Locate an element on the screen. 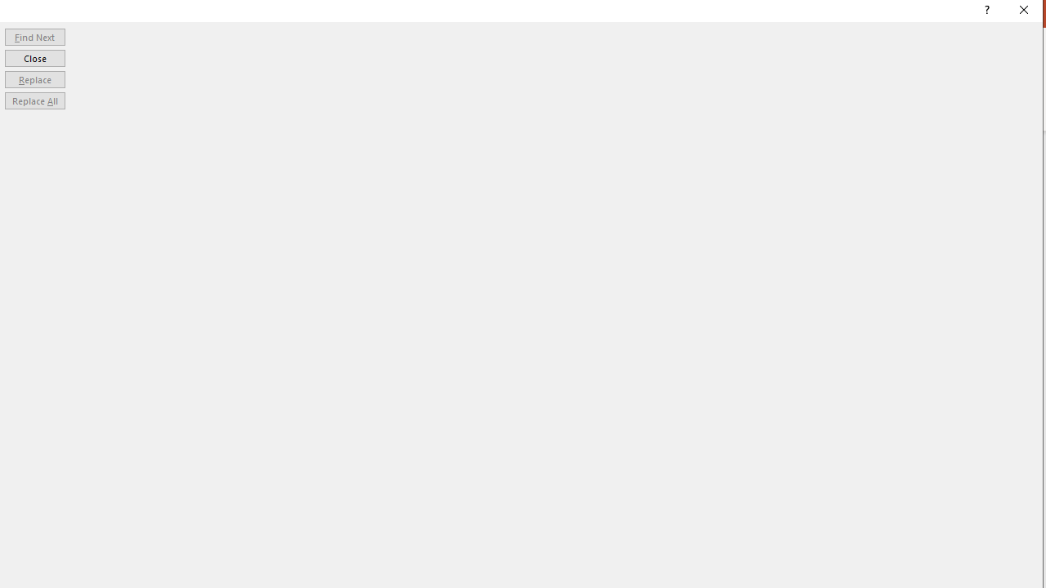 Image resolution: width=1046 pixels, height=588 pixels. 'Replace All' is located at coordinates (34, 100).